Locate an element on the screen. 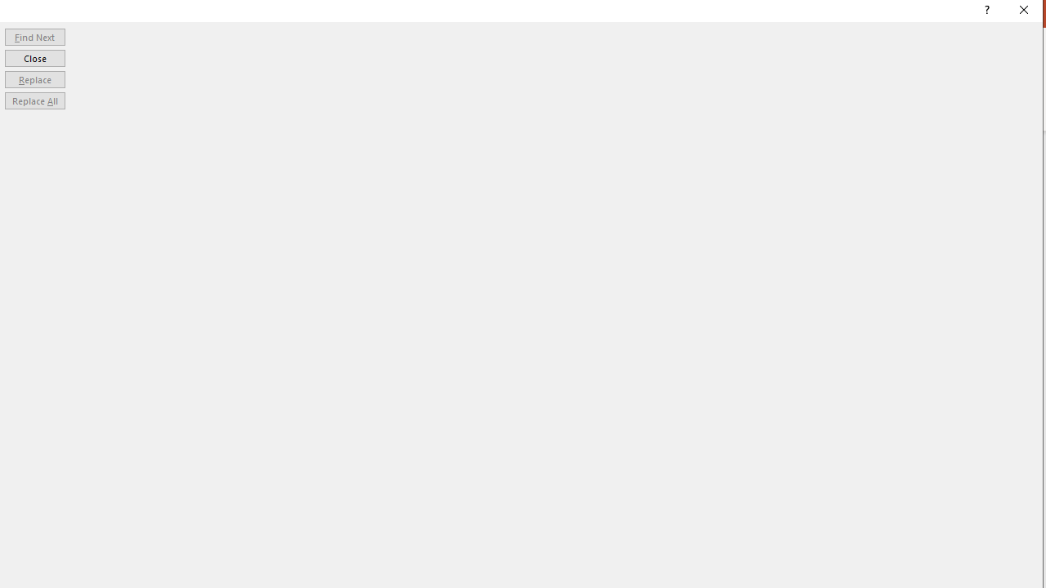 Image resolution: width=1046 pixels, height=588 pixels. 'Replace All' is located at coordinates (34, 100).